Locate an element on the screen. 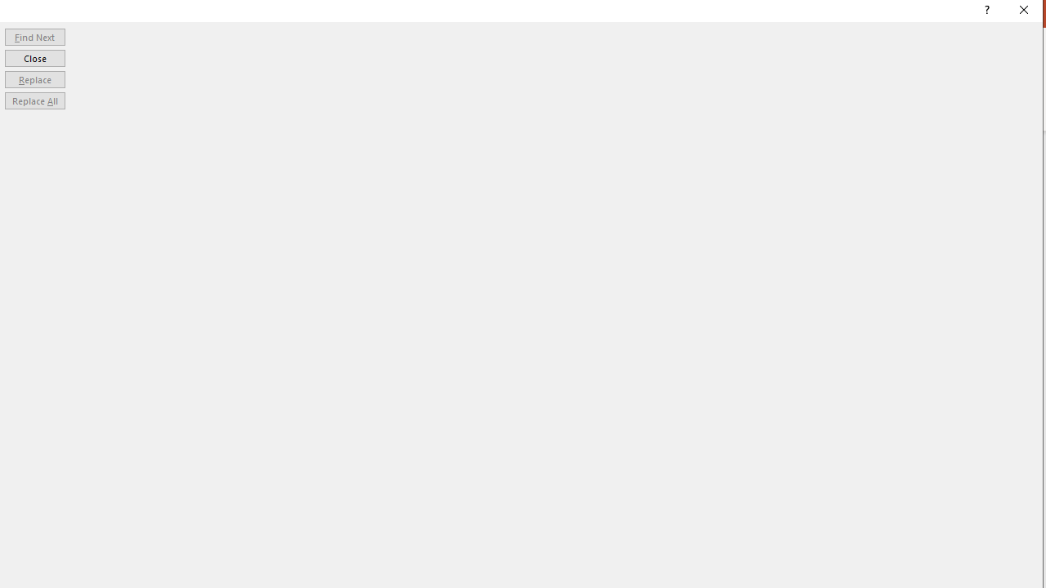 Image resolution: width=1046 pixels, height=588 pixels. 'Replace All' is located at coordinates (34, 100).